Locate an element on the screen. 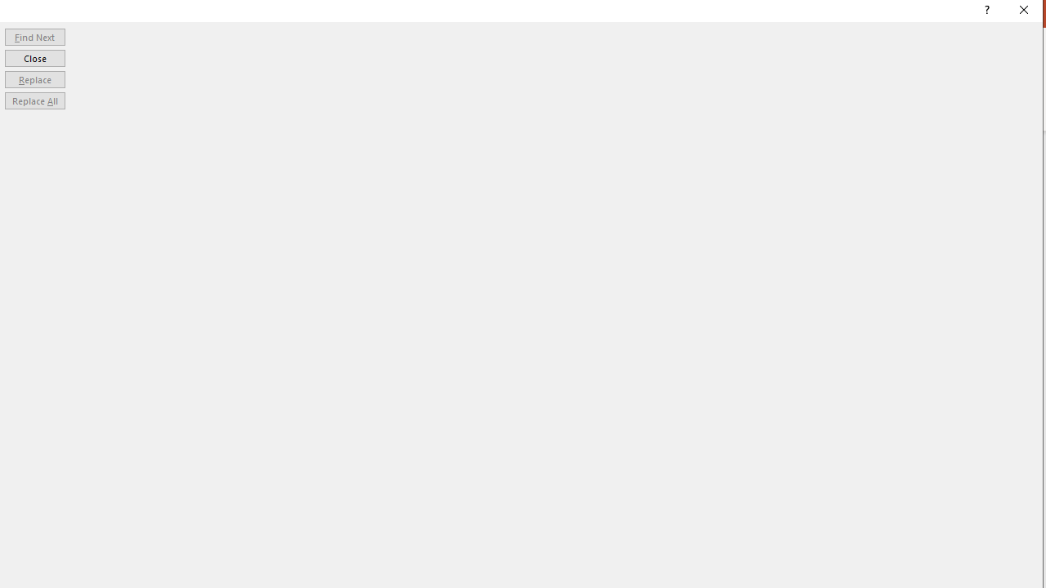 Image resolution: width=1046 pixels, height=588 pixels. 'Replace All' is located at coordinates (34, 100).